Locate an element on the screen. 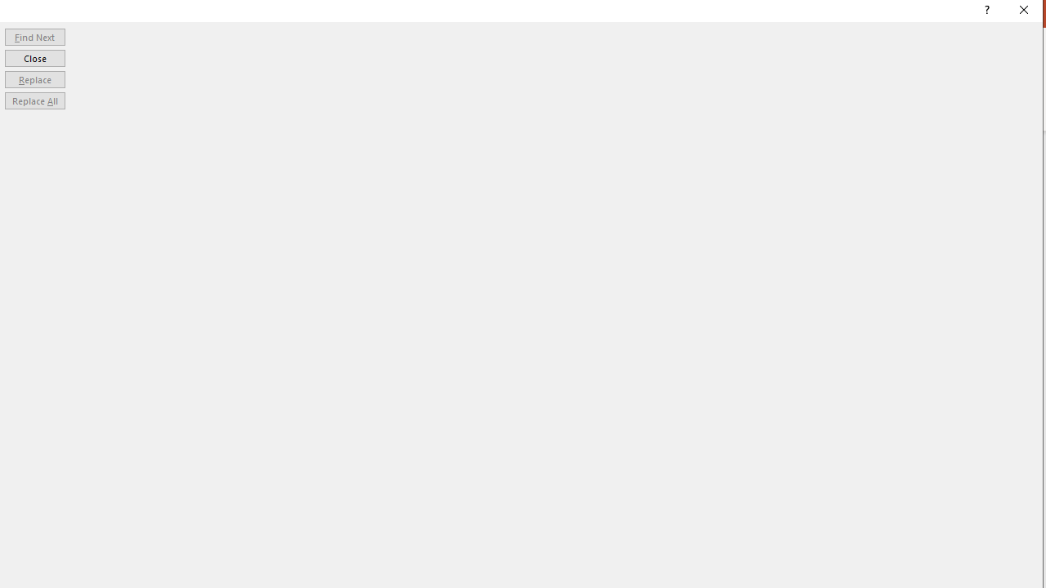 Image resolution: width=1046 pixels, height=588 pixels. 'Replace All' is located at coordinates (34, 100).